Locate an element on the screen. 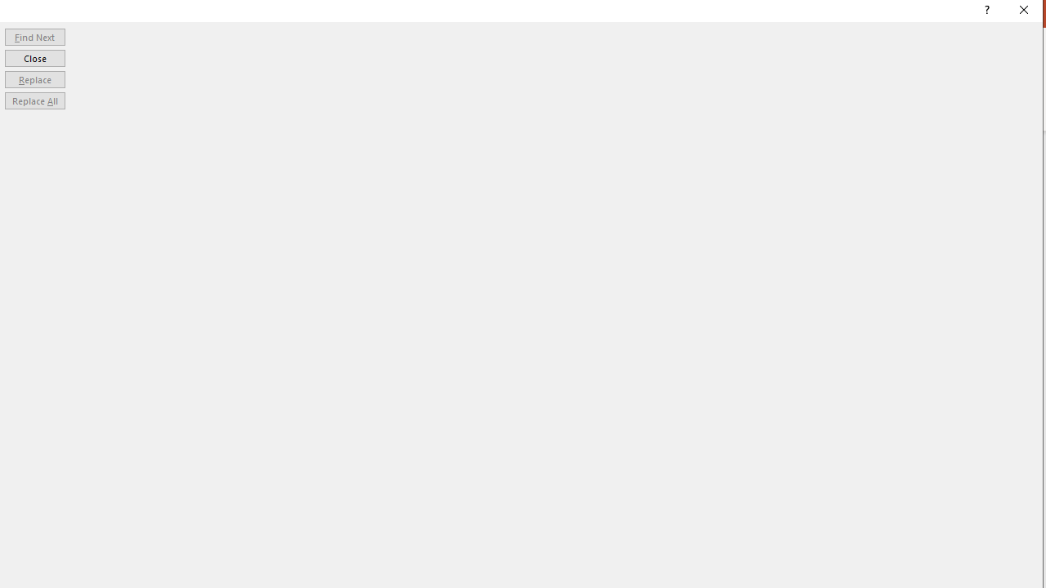 Image resolution: width=1046 pixels, height=588 pixels. 'Replace All' is located at coordinates (34, 100).